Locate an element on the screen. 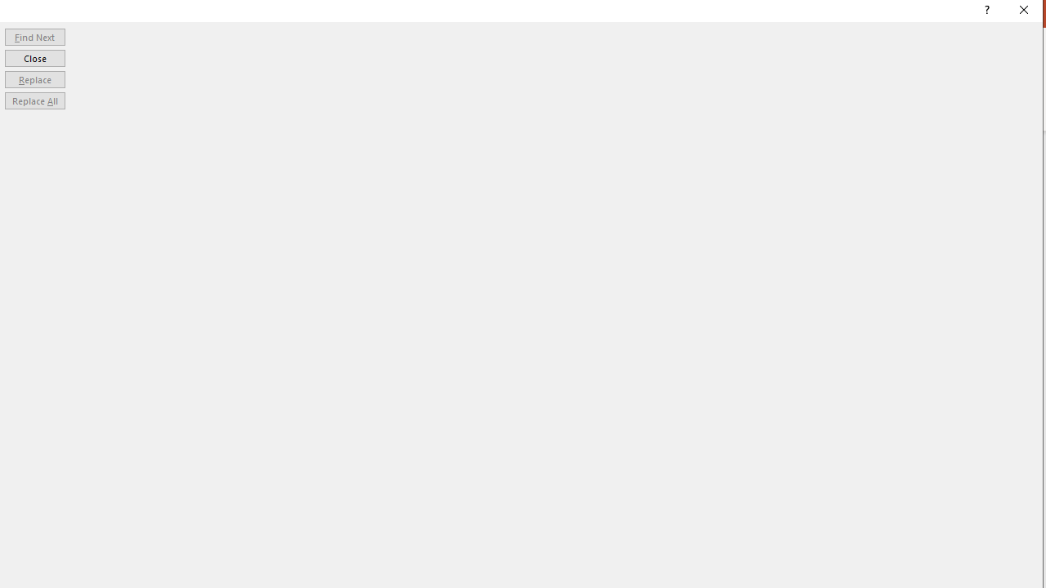 Image resolution: width=1046 pixels, height=588 pixels. 'Replace All' is located at coordinates (34, 100).